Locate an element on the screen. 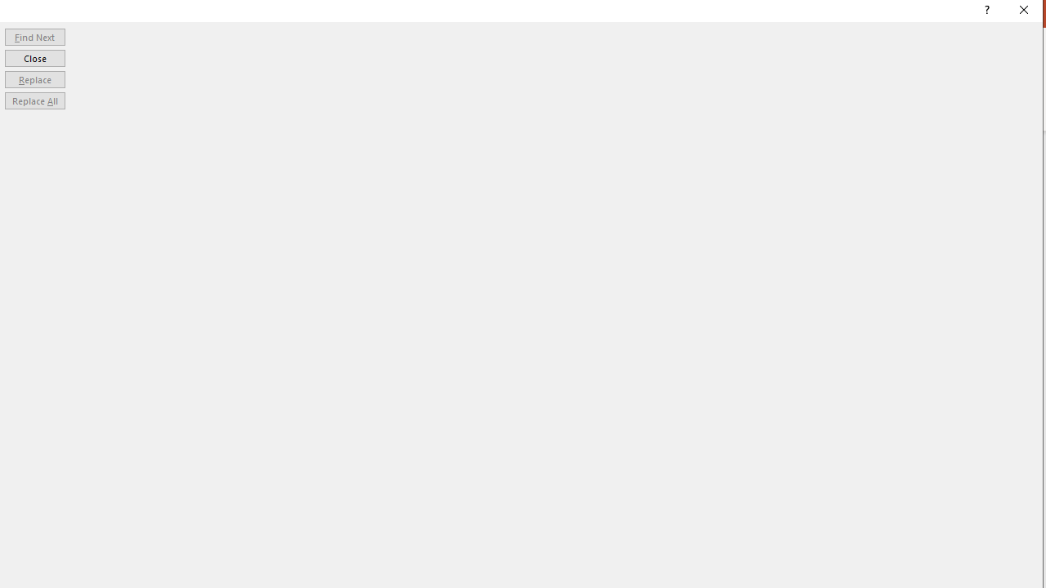 Image resolution: width=1046 pixels, height=588 pixels. 'Replace All' is located at coordinates (34, 100).